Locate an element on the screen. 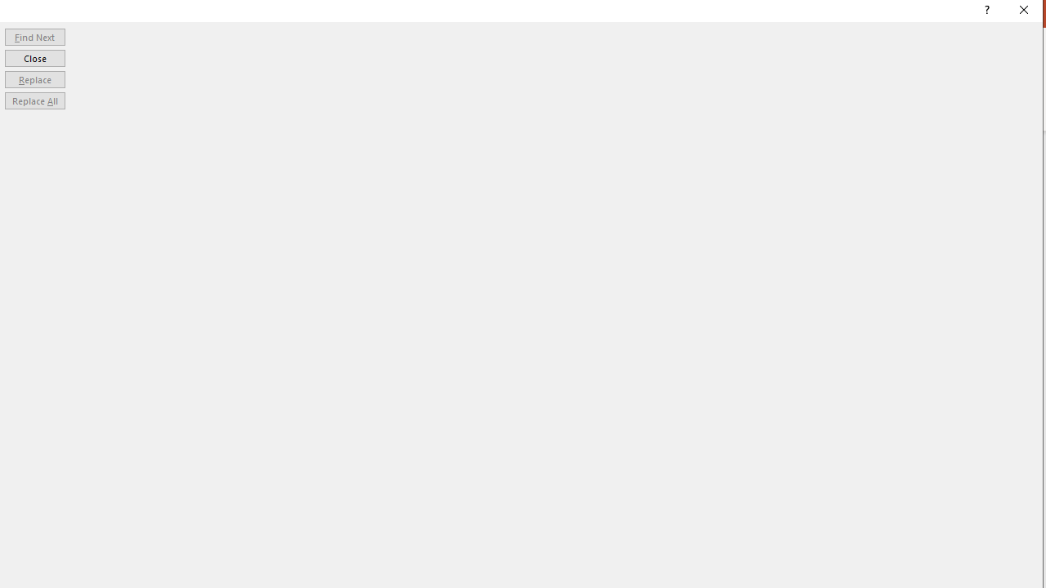 Image resolution: width=1046 pixels, height=588 pixels. 'Replace All' is located at coordinates (34, 100).